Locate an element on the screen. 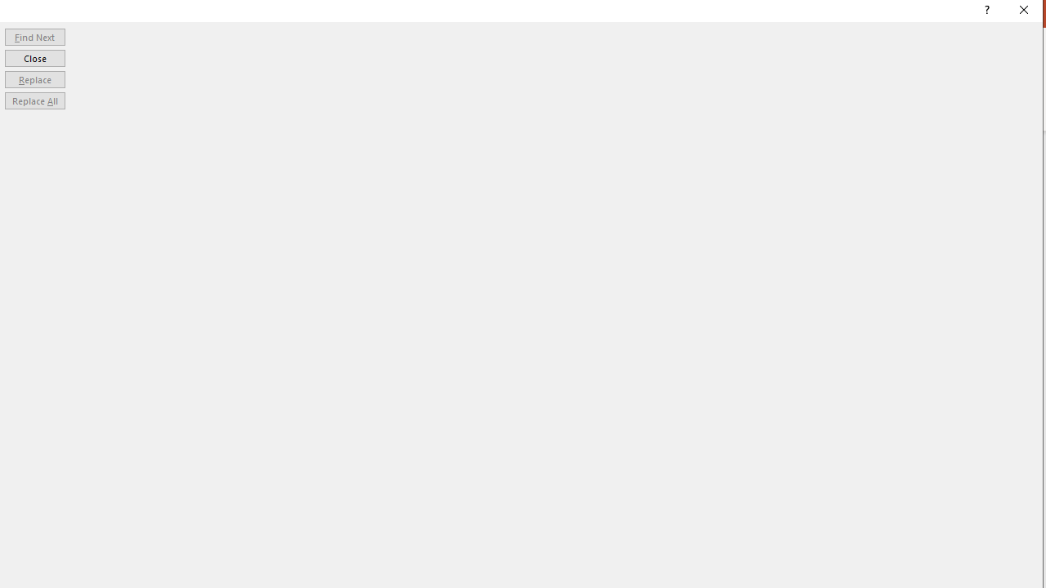 Image resolution: width=1046 pixels, height=588 pixels. 'Replace All' is located at coordinates (34, 100).